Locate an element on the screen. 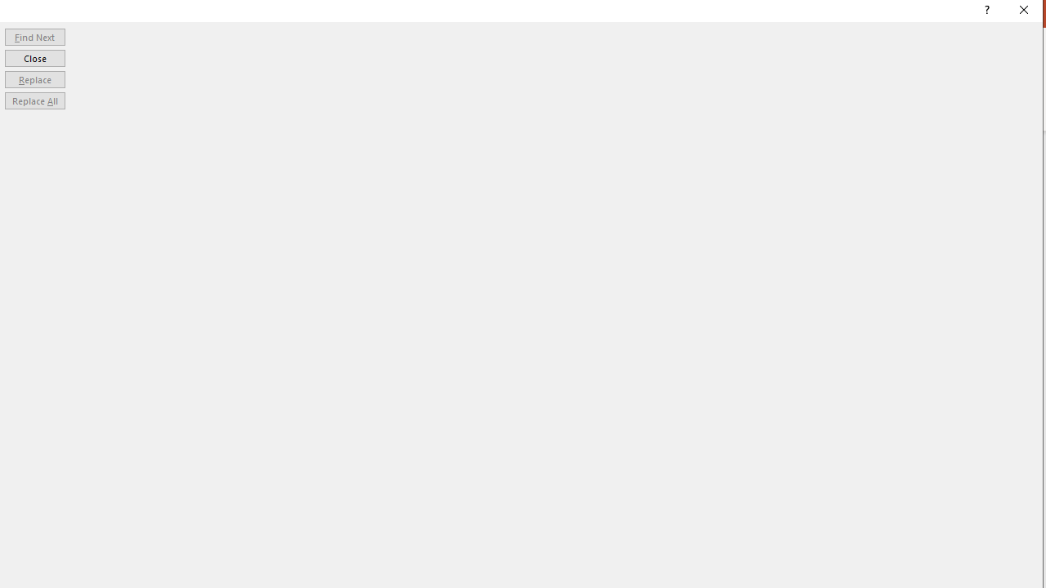 Image resolution: width=1046 pixels, height=588 pixels. 'Replace All' is located at coordinates (34, 100).